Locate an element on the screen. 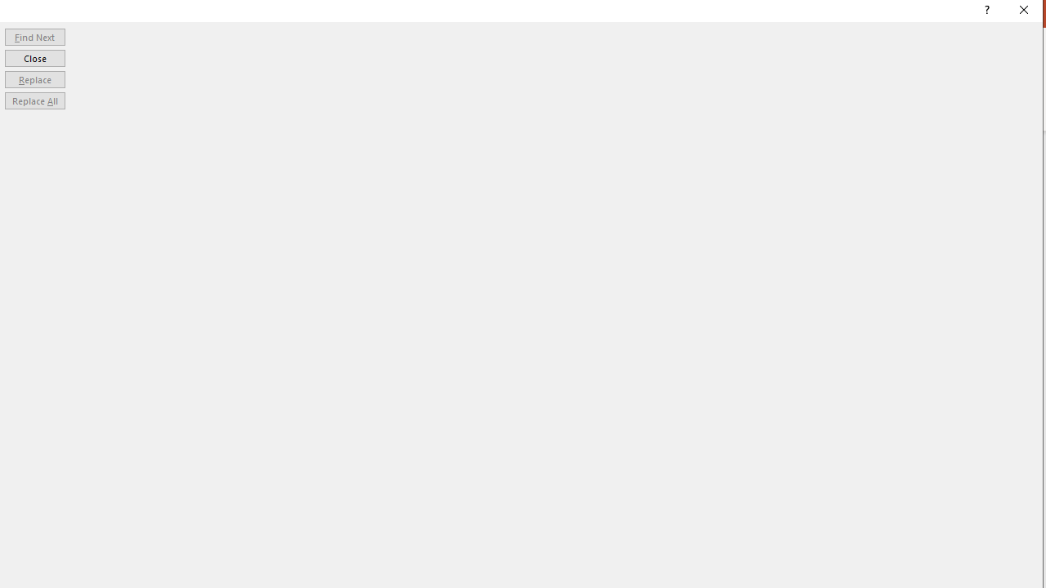 Image resolution: width=1046 pixels, height=588 pixels. 'Replace All' is located at coordinates (34, 100).